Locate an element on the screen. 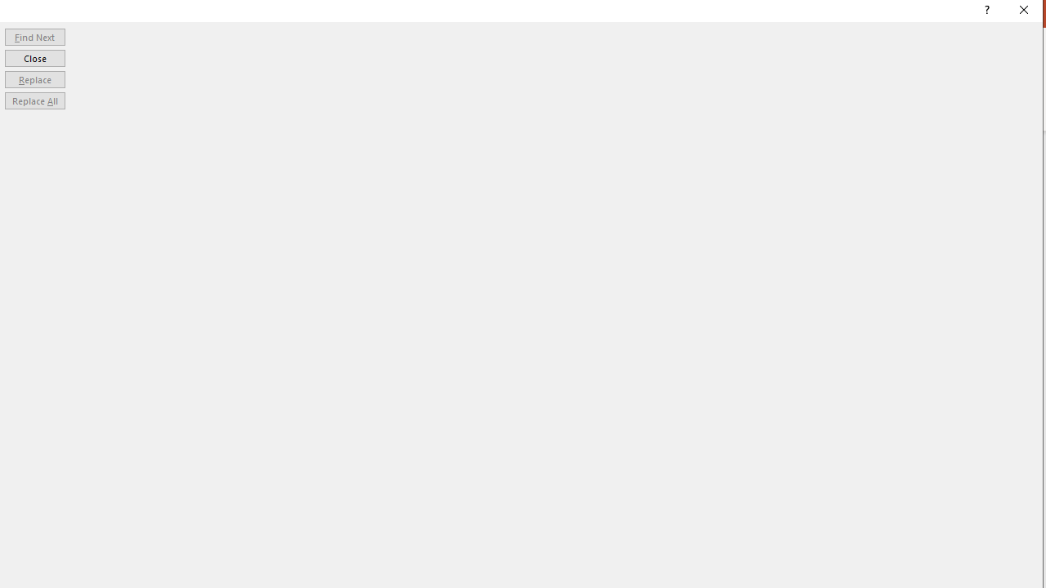 Image resolution: width=1046 pixels, height=588 pixels. 'Replace All' is located at coordinates (34, 100).